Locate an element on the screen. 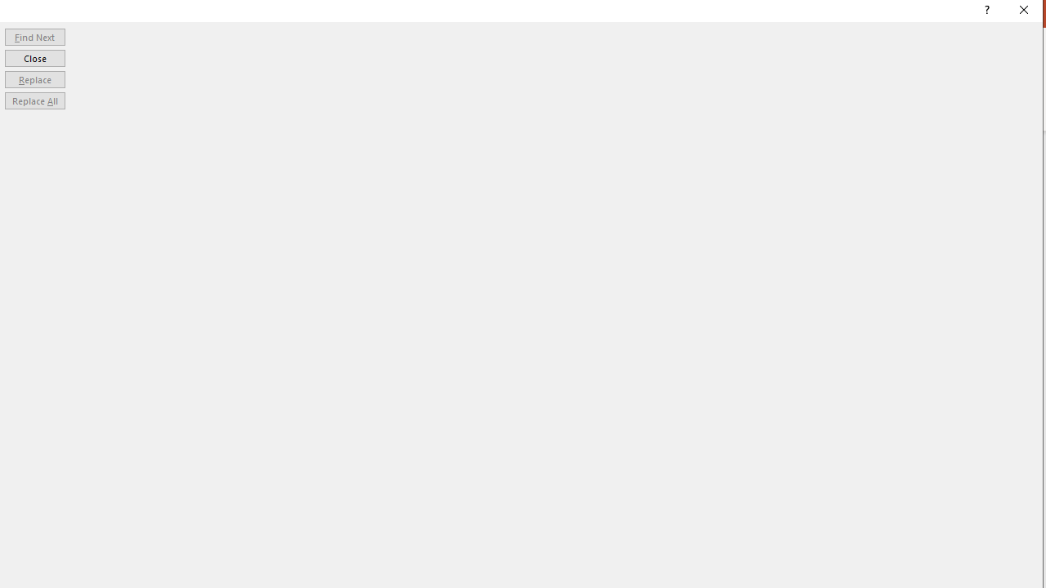 Image resolution: width=1046 pixels, height=588 pixels. 'Replace All' is located at coordinates (34, 100).